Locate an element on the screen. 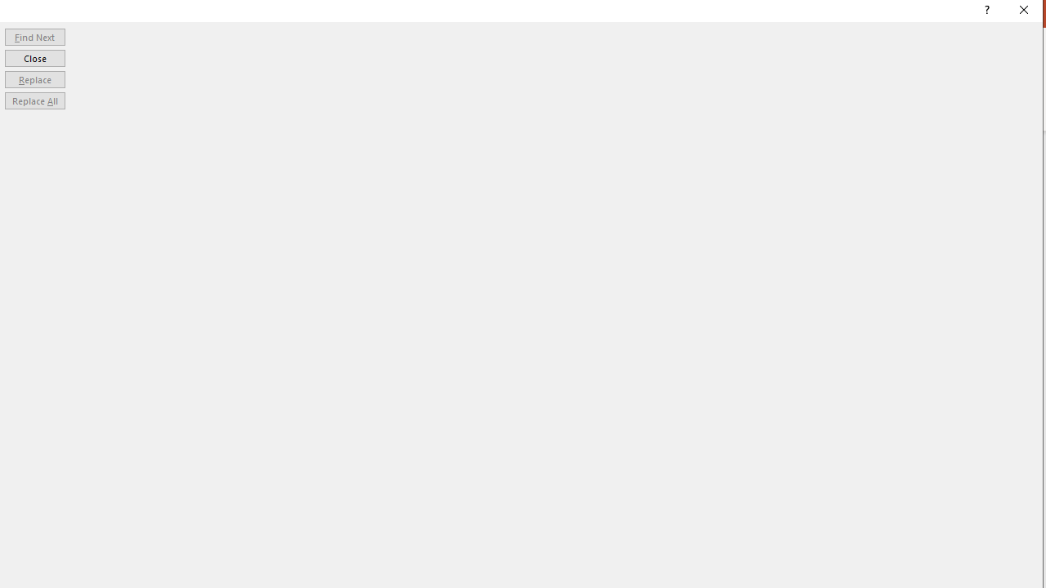 Image resolution: width=1046 pixels, height=588 pixels. 'Replace All' is located at coordinates (34, 100).